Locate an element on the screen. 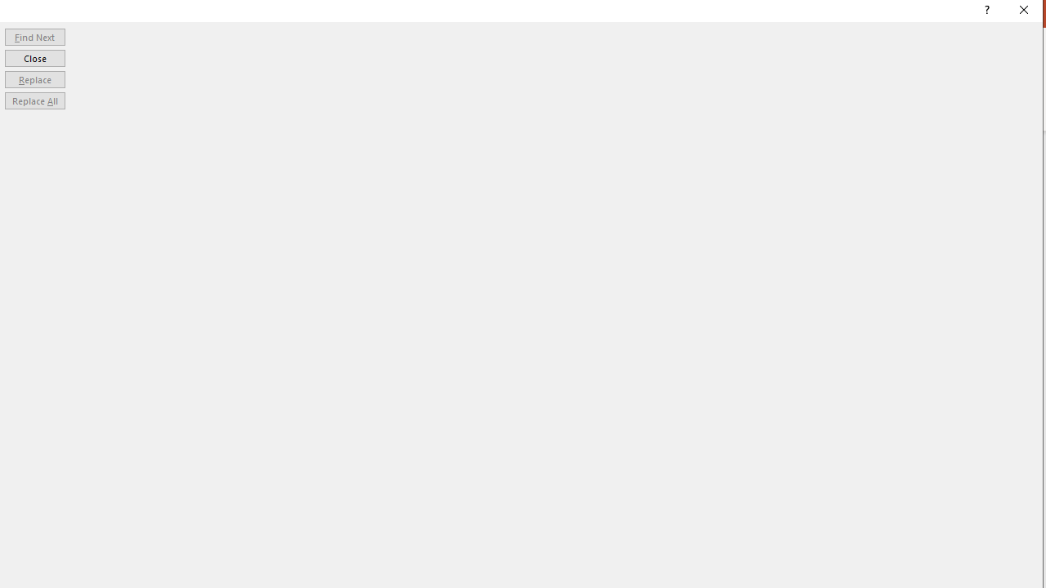 Image resolution: width=1046 pixels, height=588 pixels. 'Replace All' is located at coordinates (34, 100).